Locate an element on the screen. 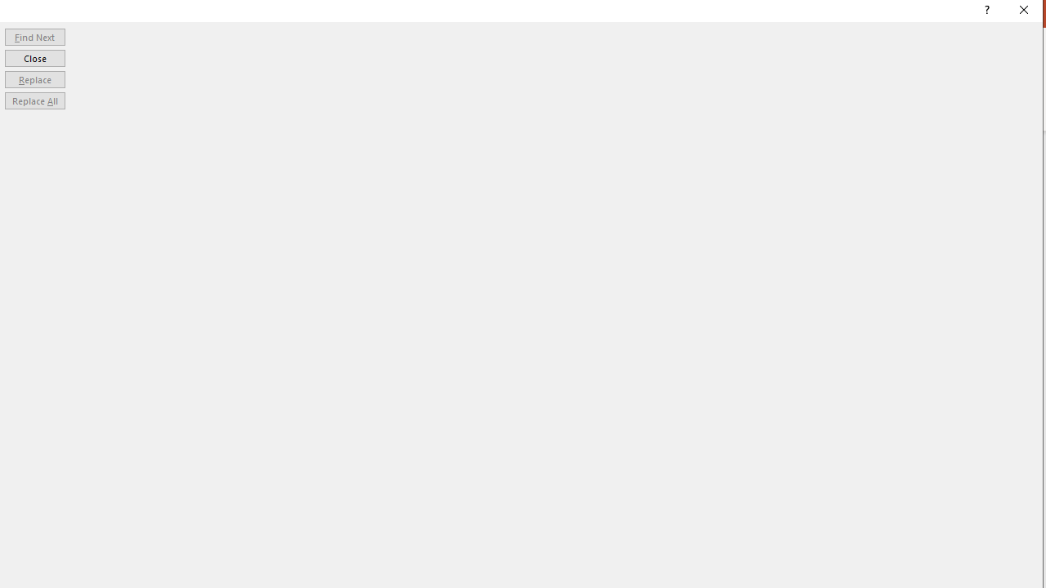 Image resolution: width=1046 pixels, height=588 pixels. 'Replace All' is located at coordinates (34, 100).